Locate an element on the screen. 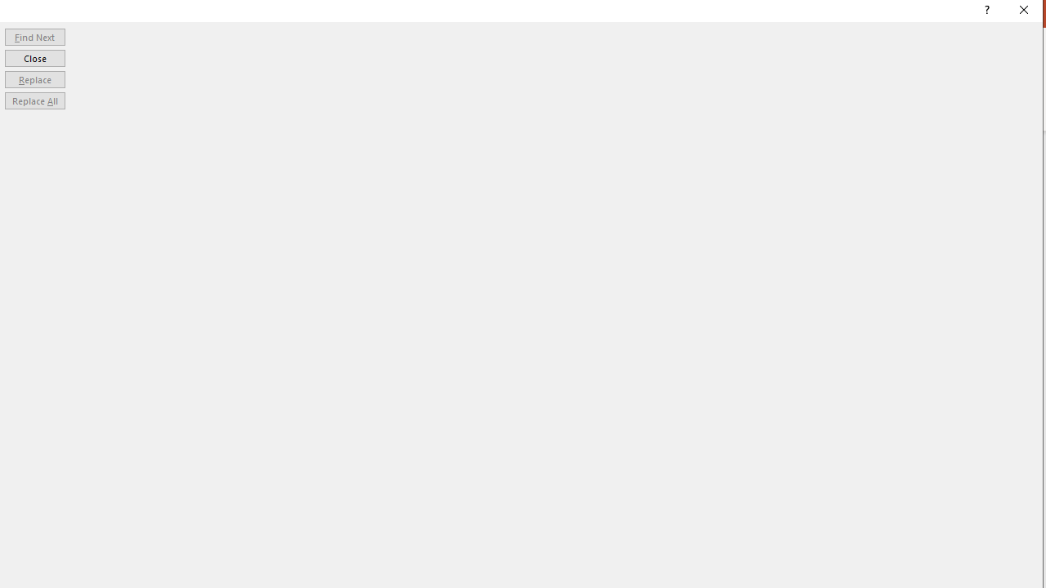 Image resolution: width=1046 pixels, height=588 pixels. 'Replace All' is located at coordinates (34, 100).